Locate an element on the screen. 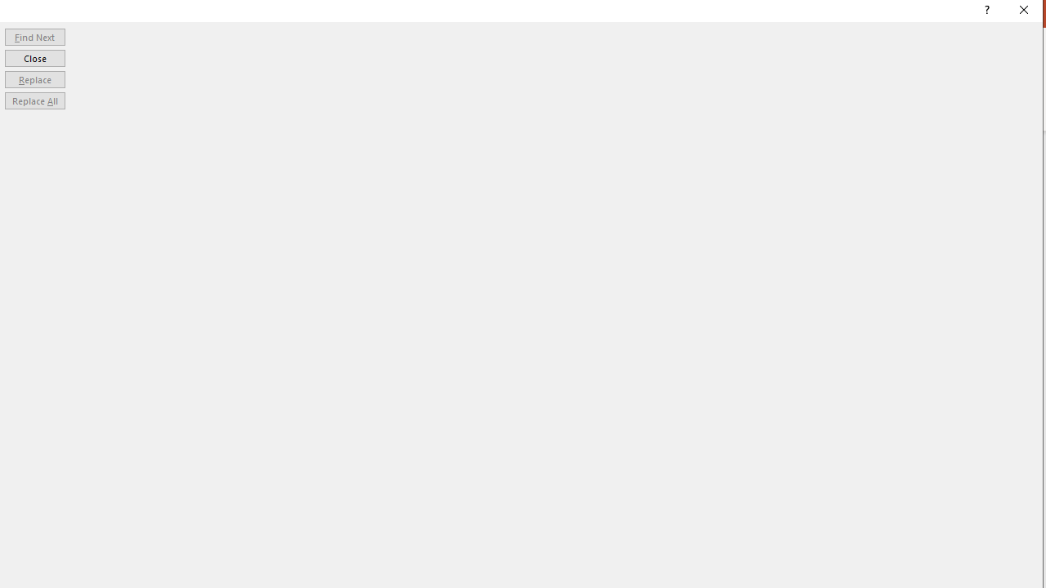 Image resolution: width=1046 pixels, height=588 pixels. 'Replace All' is located at coordinates (34, 100).